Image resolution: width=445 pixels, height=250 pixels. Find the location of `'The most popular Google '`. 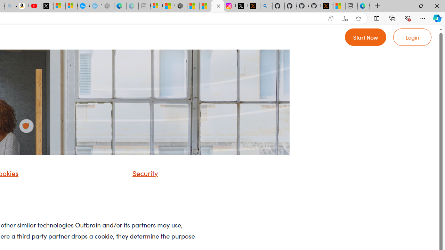

'The most popular Google ' is located at coordinates (95, 6).